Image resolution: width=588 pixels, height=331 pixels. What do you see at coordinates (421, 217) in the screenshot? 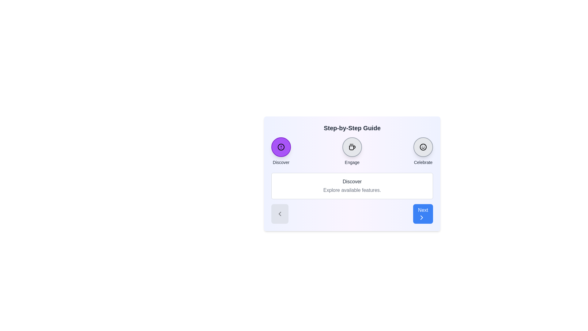
I see `the right-facing chevron-style arrow icon located at the bottom-right corner of the interface within the blue-colored 'Next' button` at bounding box center [421, 217].